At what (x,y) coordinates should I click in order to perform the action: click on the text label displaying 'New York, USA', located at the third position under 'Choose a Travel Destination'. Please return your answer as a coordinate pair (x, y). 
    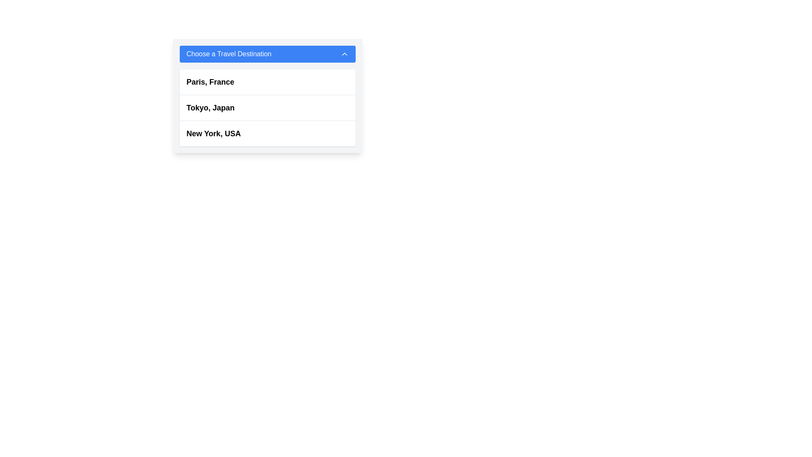
    Looking at the image, I should click on (214, 133).